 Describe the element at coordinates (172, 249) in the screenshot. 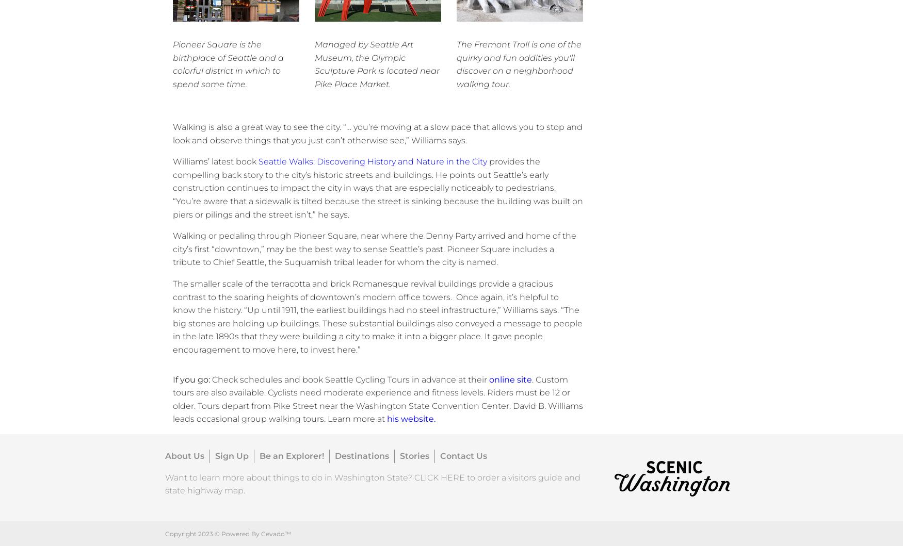

I see `'Walking or pedaling through Pioneer Square, near where the Denny Party arrived and home of the city’s first “downtown,” may be the best way to sense Seattle’s past. Pioneer Square includes a tribute to Chief Seattle, the Suquamish tribal leader for whom the city is named.'` at that location.